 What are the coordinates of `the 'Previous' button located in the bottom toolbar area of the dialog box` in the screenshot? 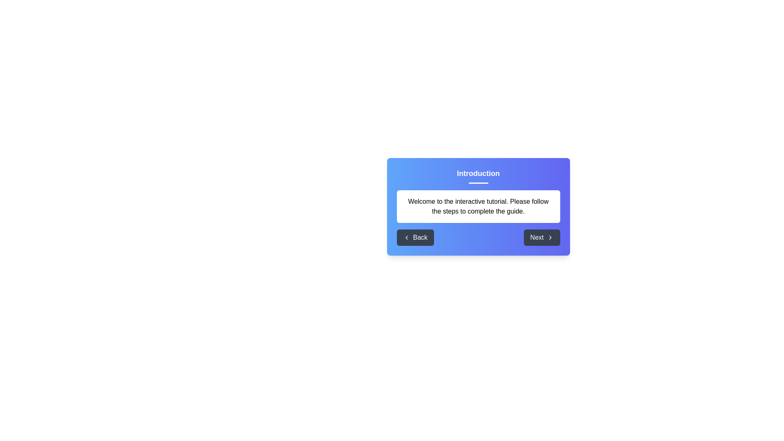 It's located at (415, 238).